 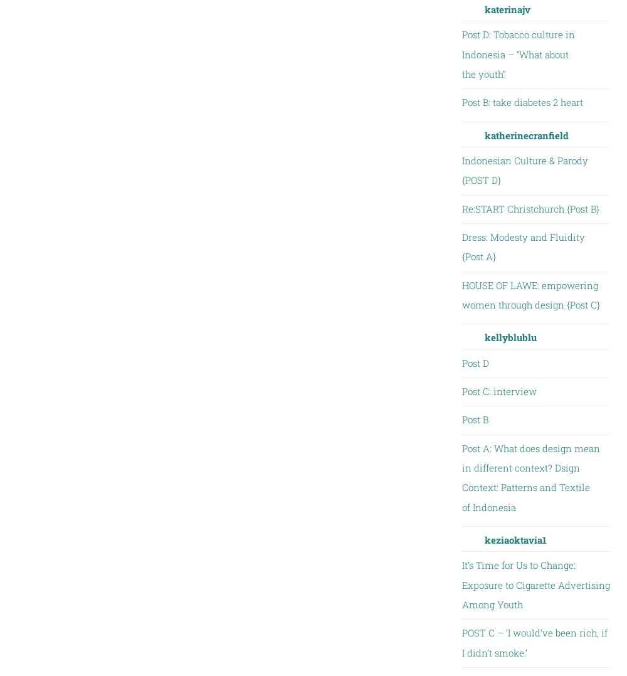 I want to click on 'POST C – ‘I would’ve been rich, if I didn’t smoke.’', so click(x=461, y=642).